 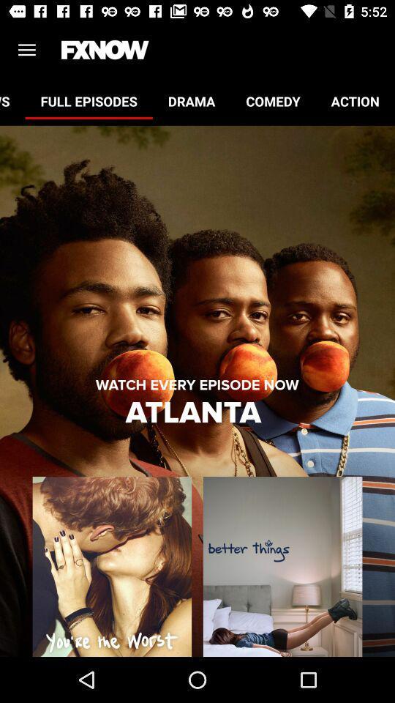 I want to click on item above the all shows icon, so click(x=26, y=50).